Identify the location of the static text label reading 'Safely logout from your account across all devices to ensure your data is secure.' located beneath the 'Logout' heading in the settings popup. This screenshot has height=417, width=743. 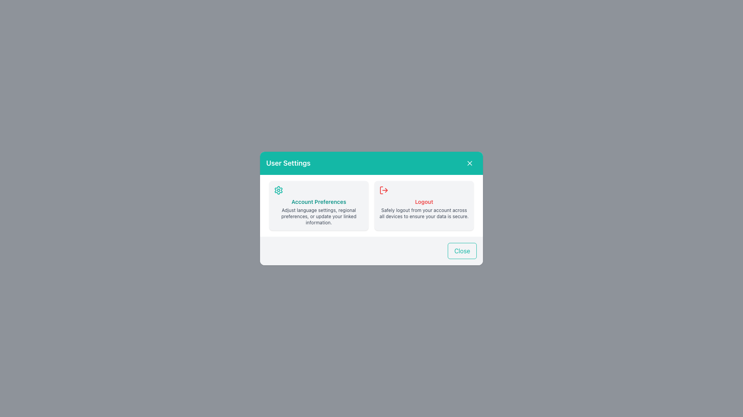
(423, 213).